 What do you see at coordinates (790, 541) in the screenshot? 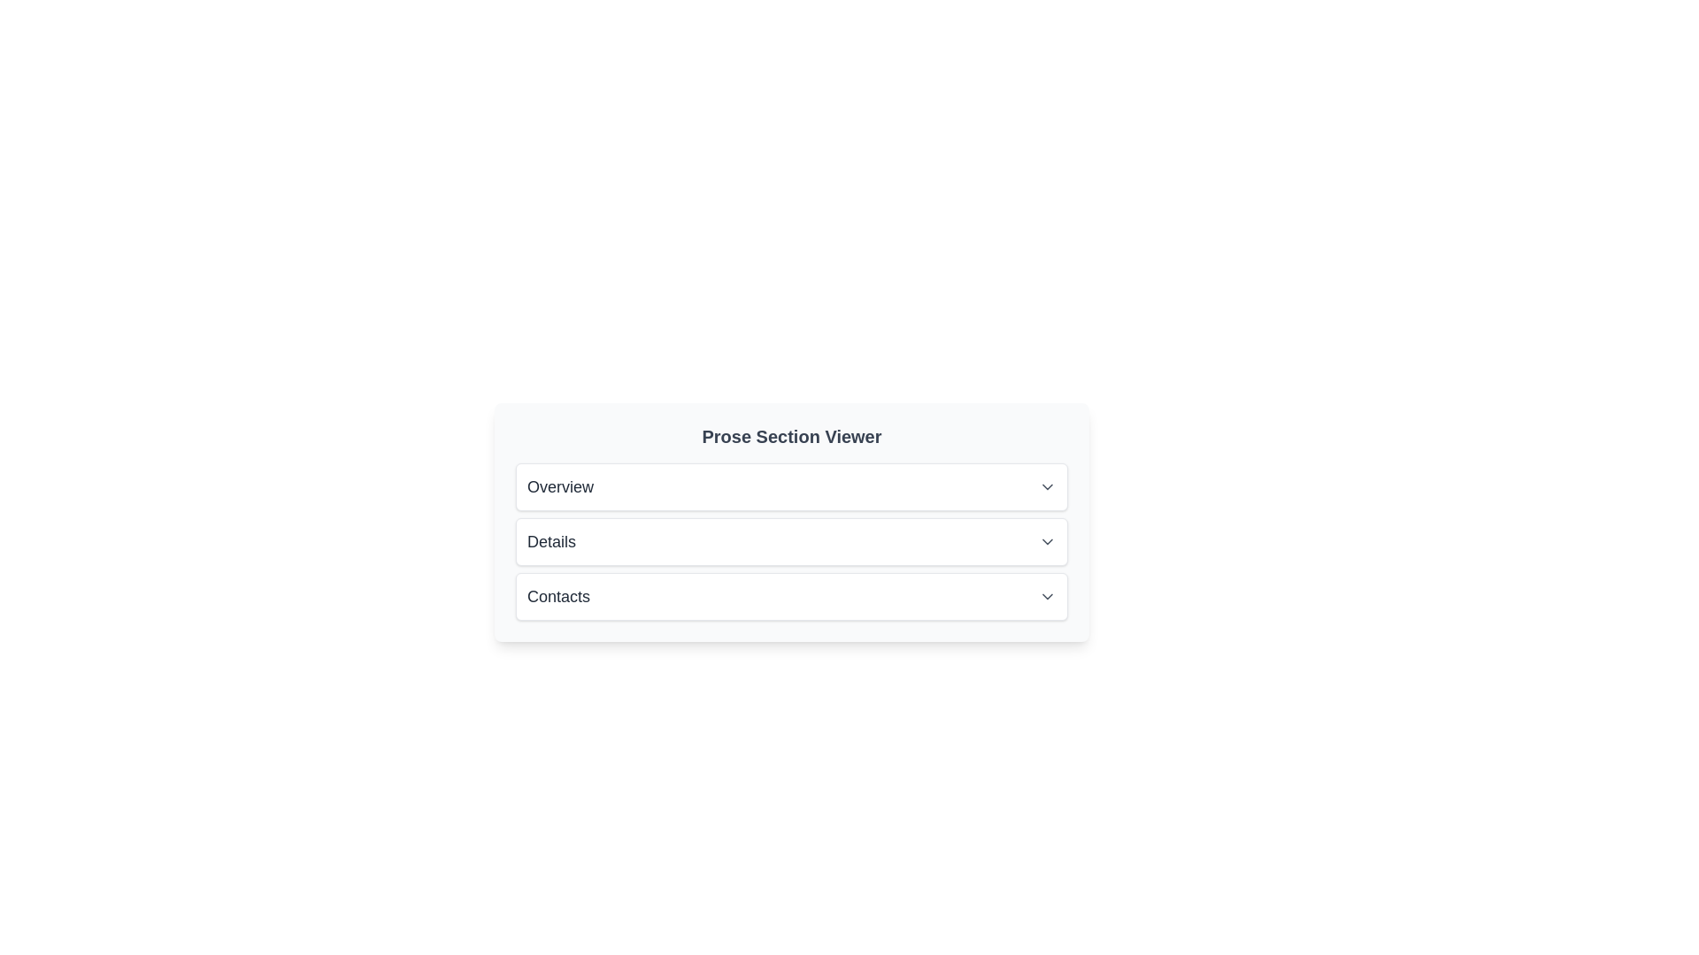
I see `the 'Details' expandable card in the Prose Section Viewer` at bounding box center [790, 541].